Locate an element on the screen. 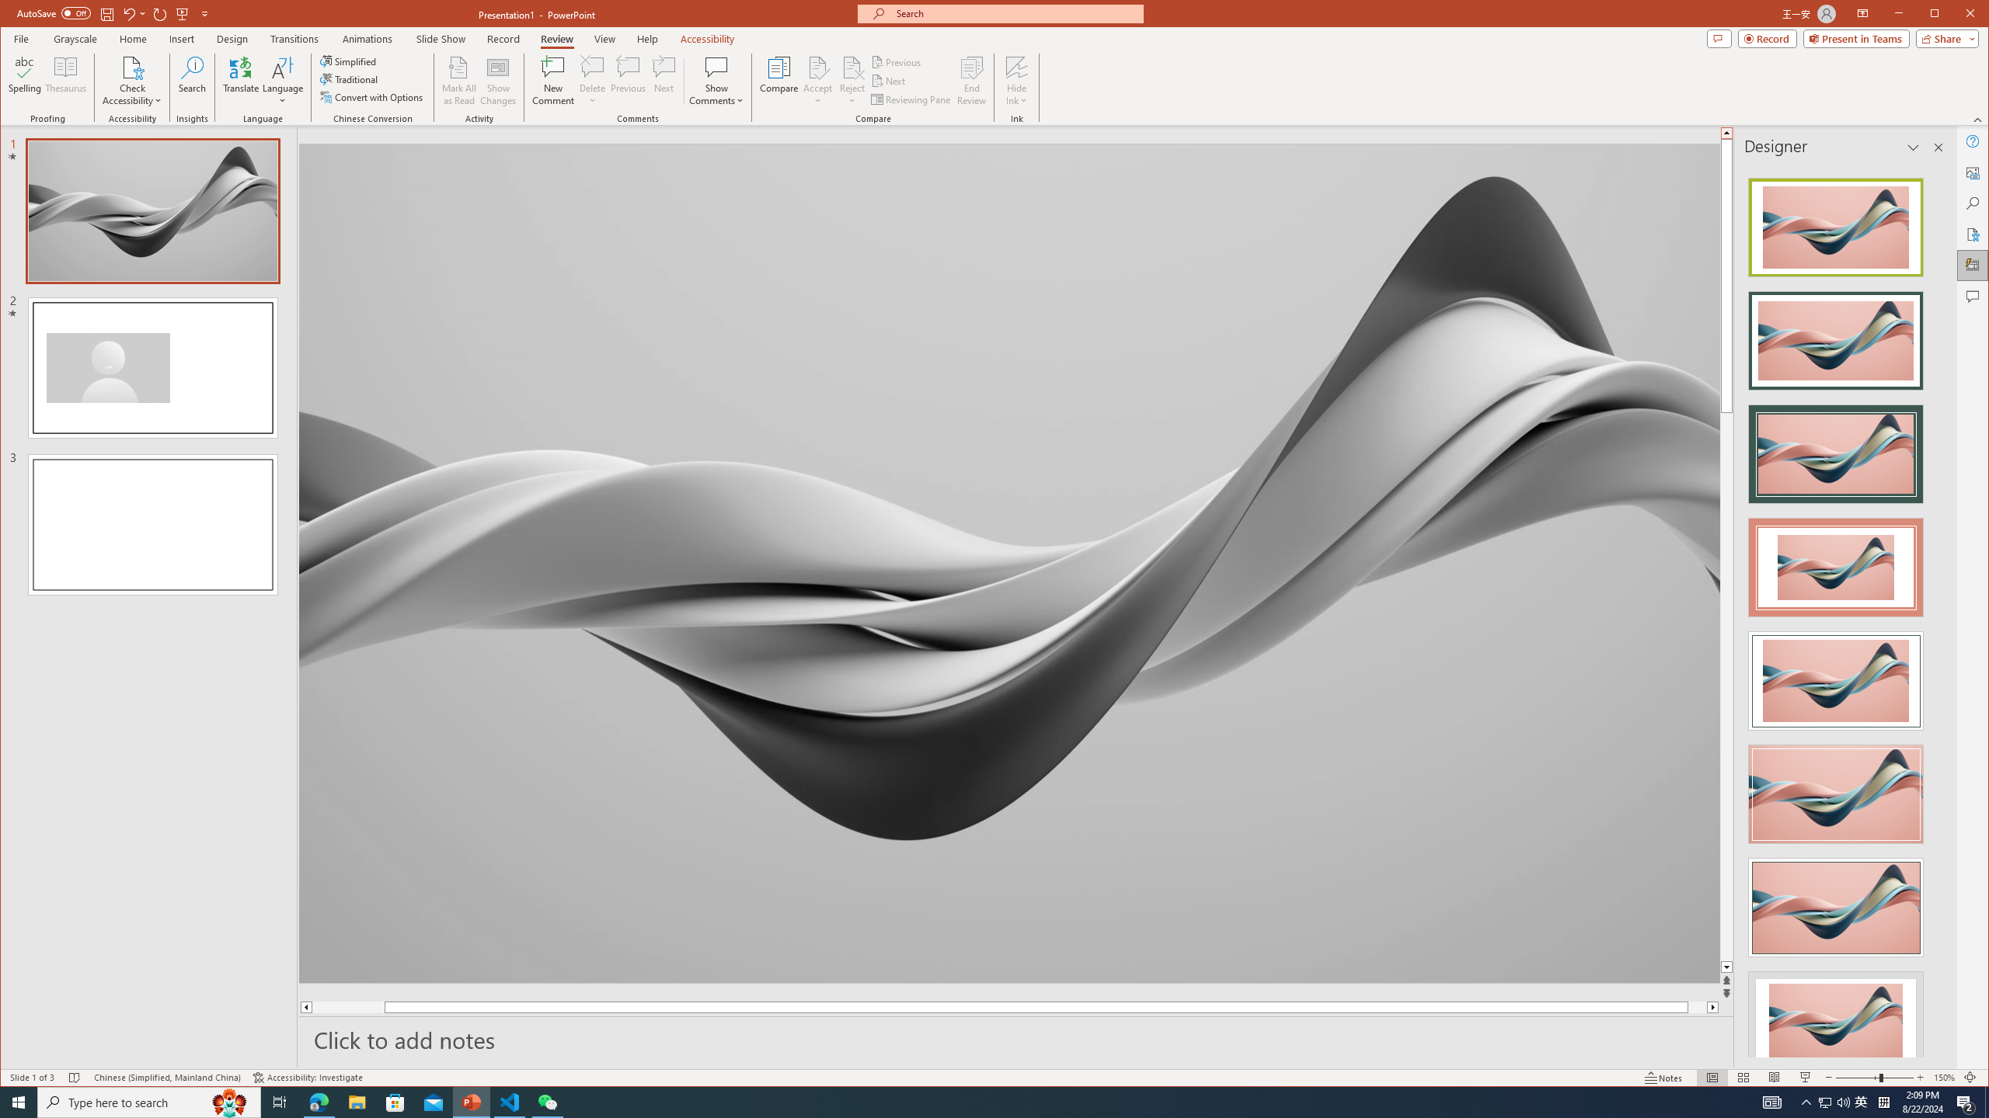 This screenshot has height=1118, width=1989. 'Zoom 150%' is located at coordinates (1944, 1077).